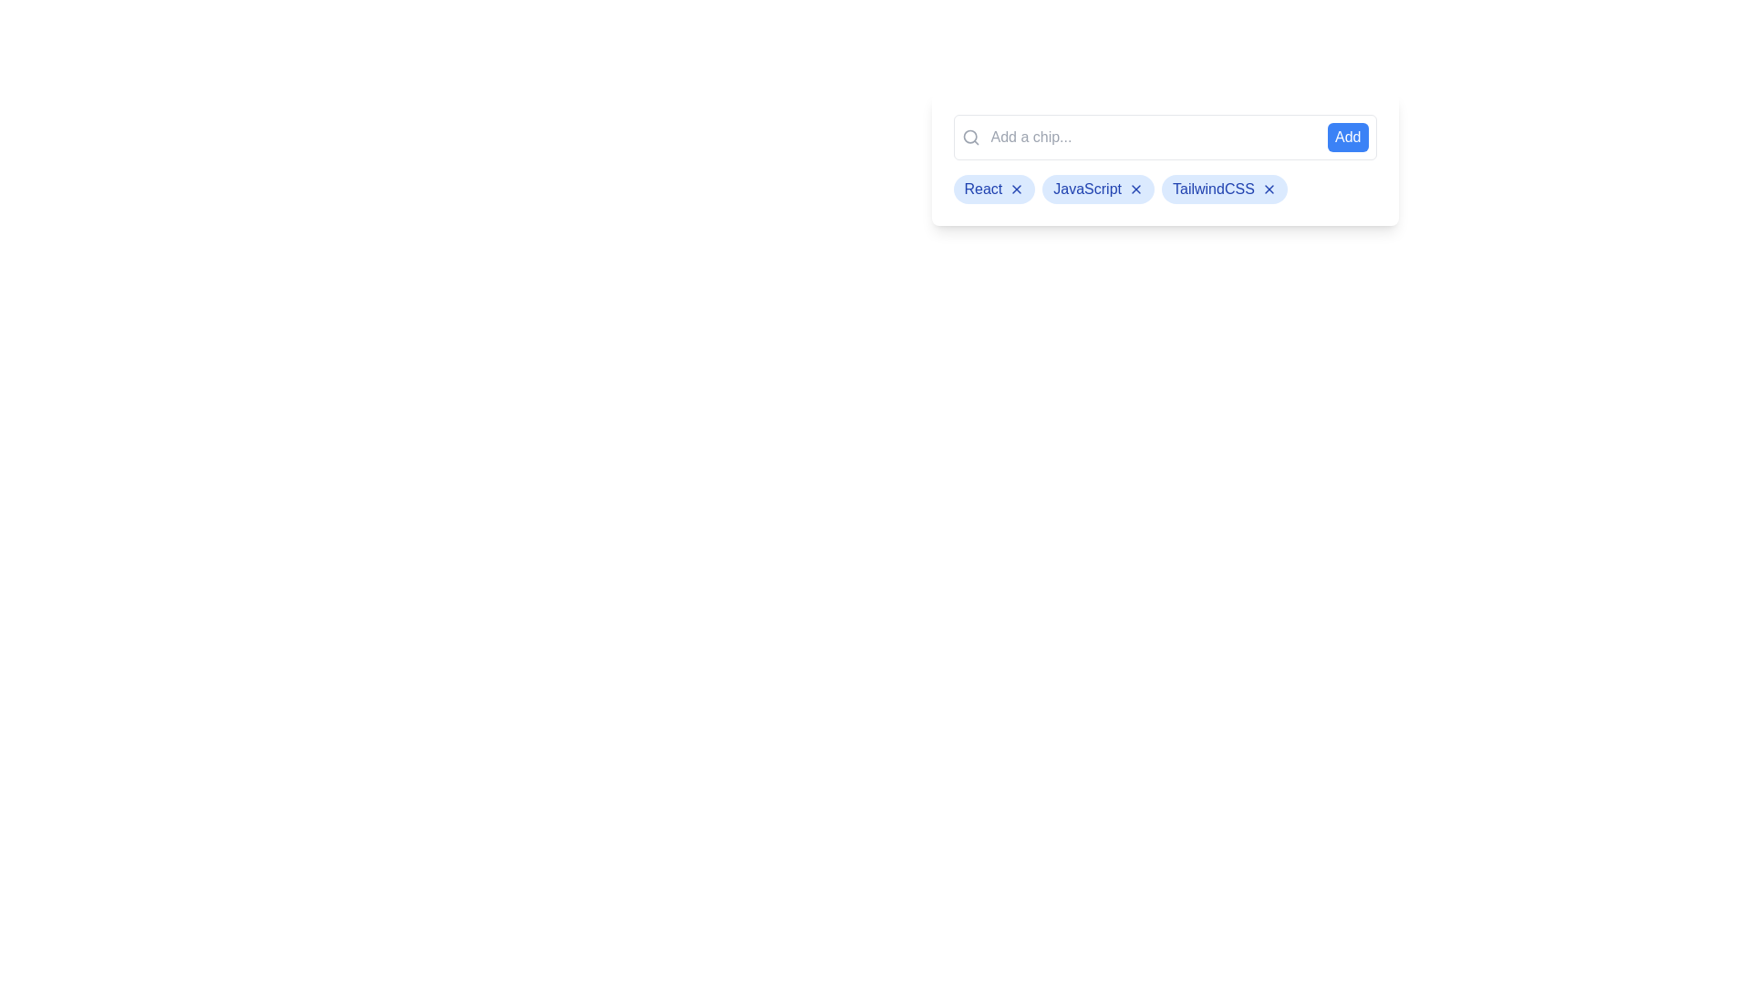 This screenshot has width=1751, height=984. What do you see at coordinates (1135, 190) in the screenshot?
I see `'X' button on the chip labeled JavaScript to remove it` at bounding box center [1135, 190].